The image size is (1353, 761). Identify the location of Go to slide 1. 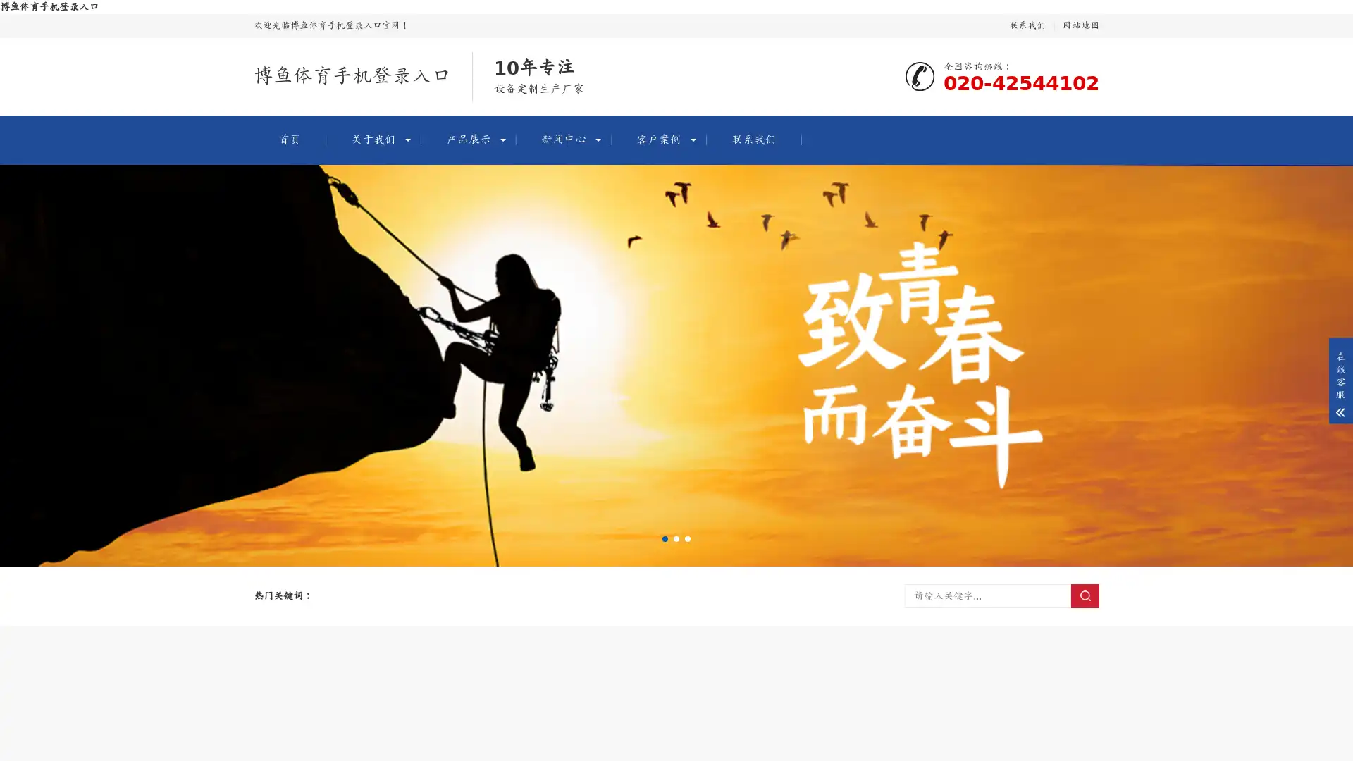
(665, 538).